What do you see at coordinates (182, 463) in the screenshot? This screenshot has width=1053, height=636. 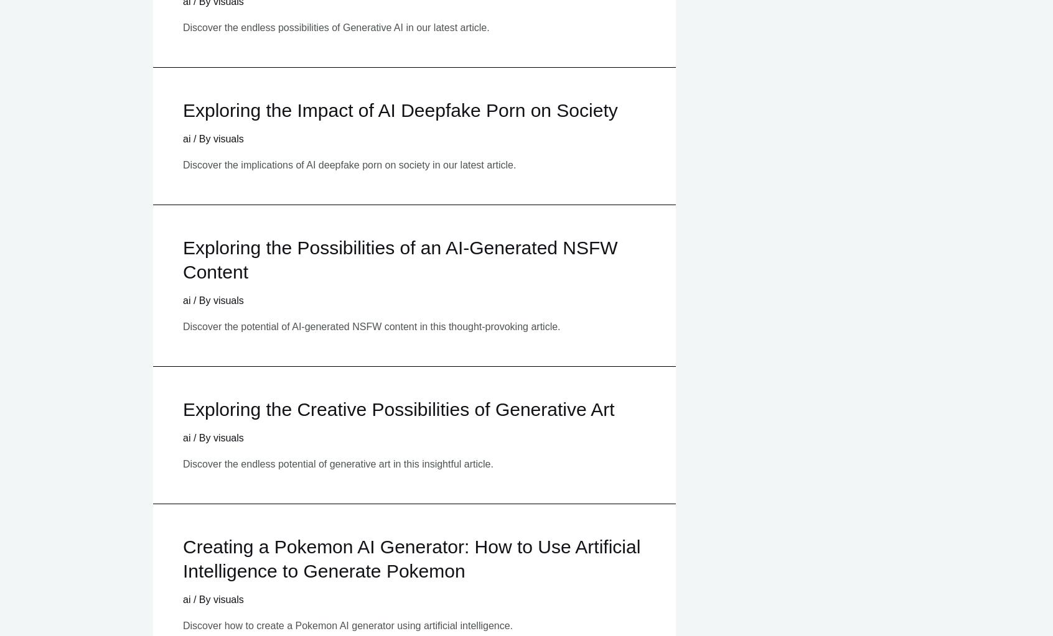 I see `'Discover the endless potential of generative art in this insightful article.'` at bounding box center [182, 463].